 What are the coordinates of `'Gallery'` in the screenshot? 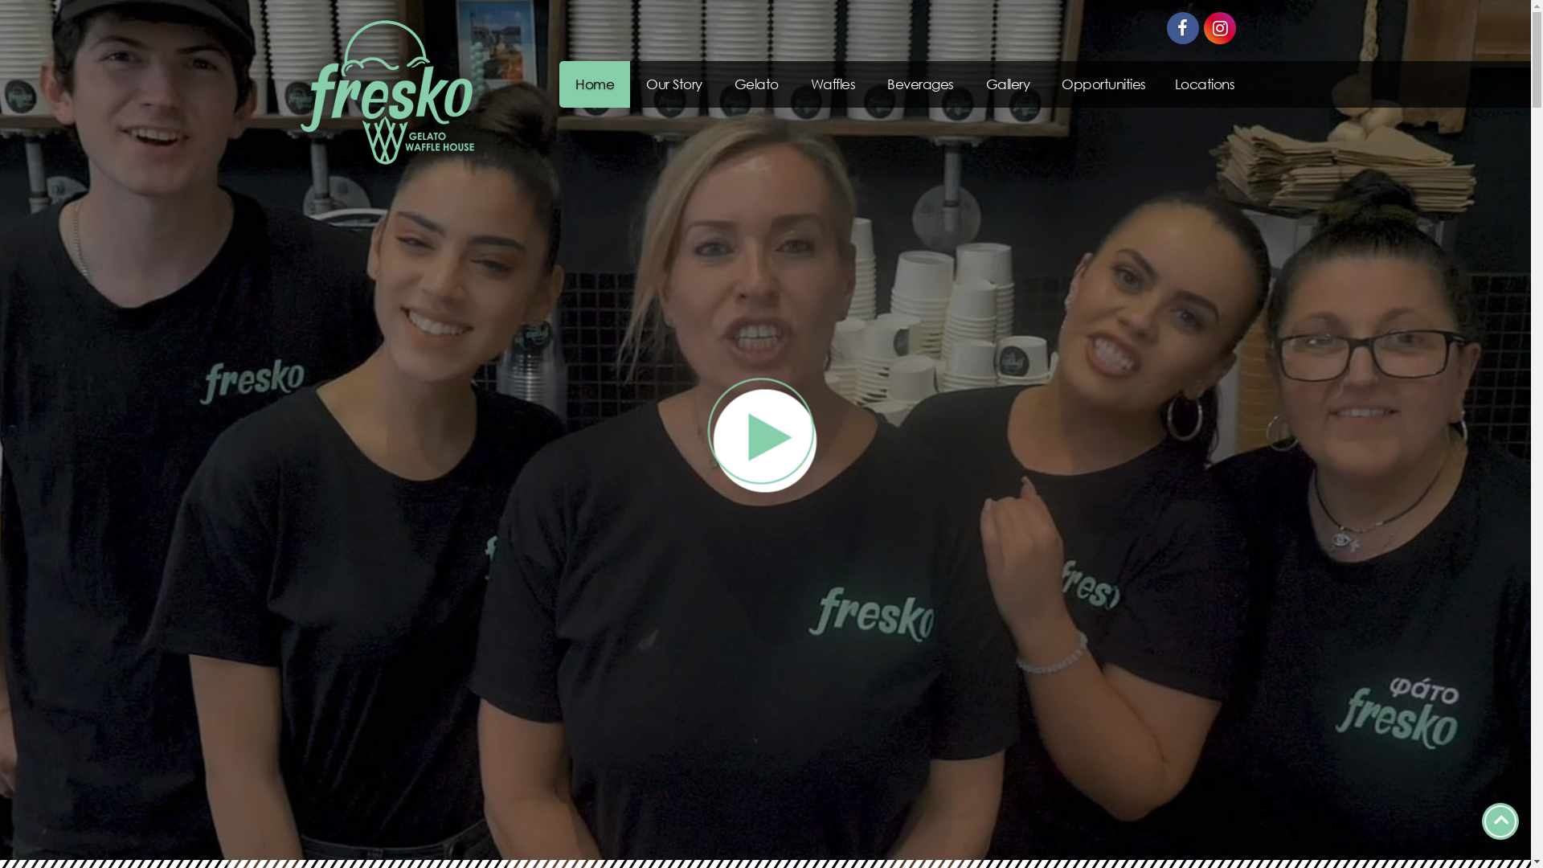 It's located at (968, 84).